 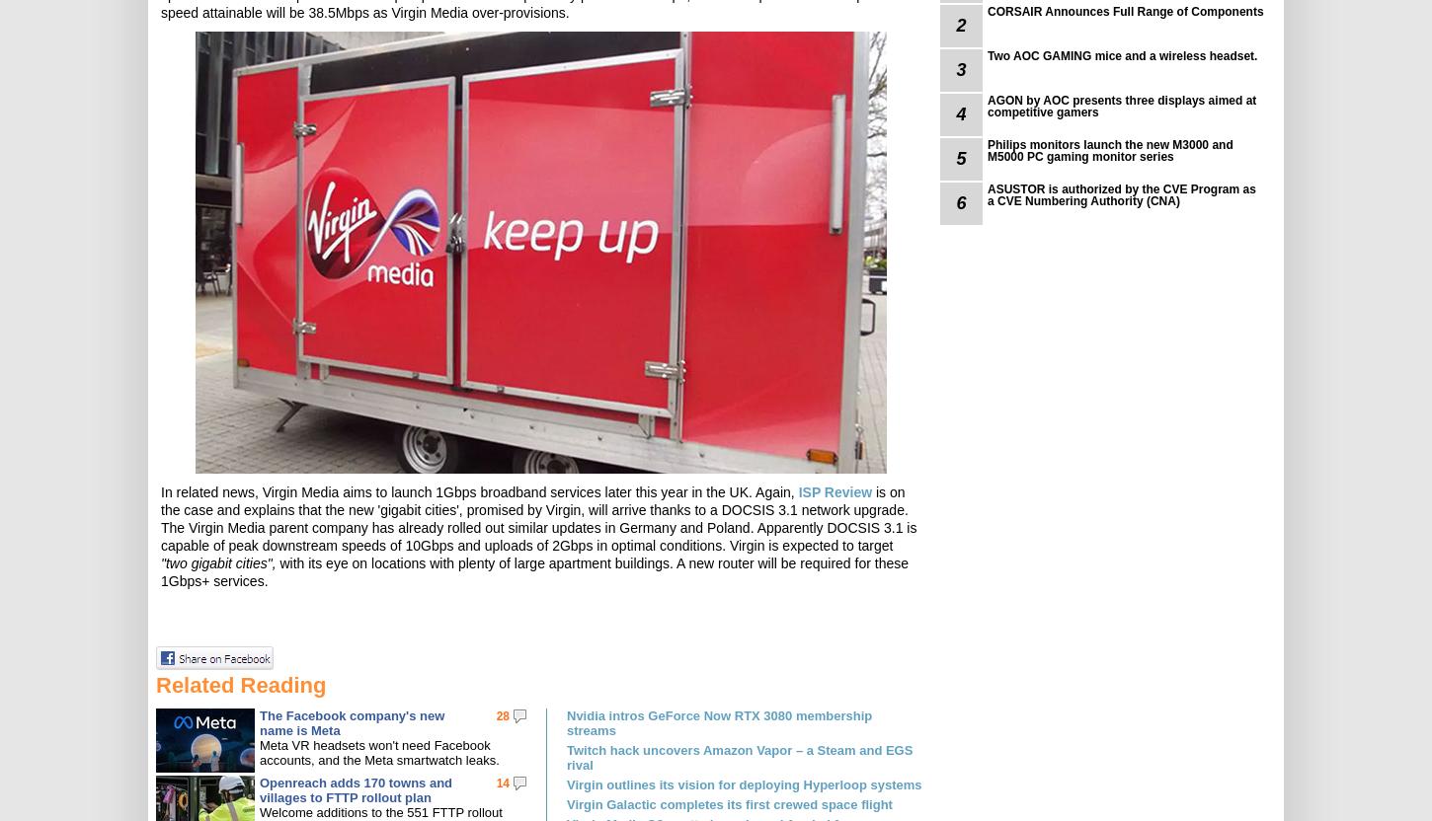 I want to click on 'CORSAIR Announces Full Range of Components', so click(x=988, y=11).